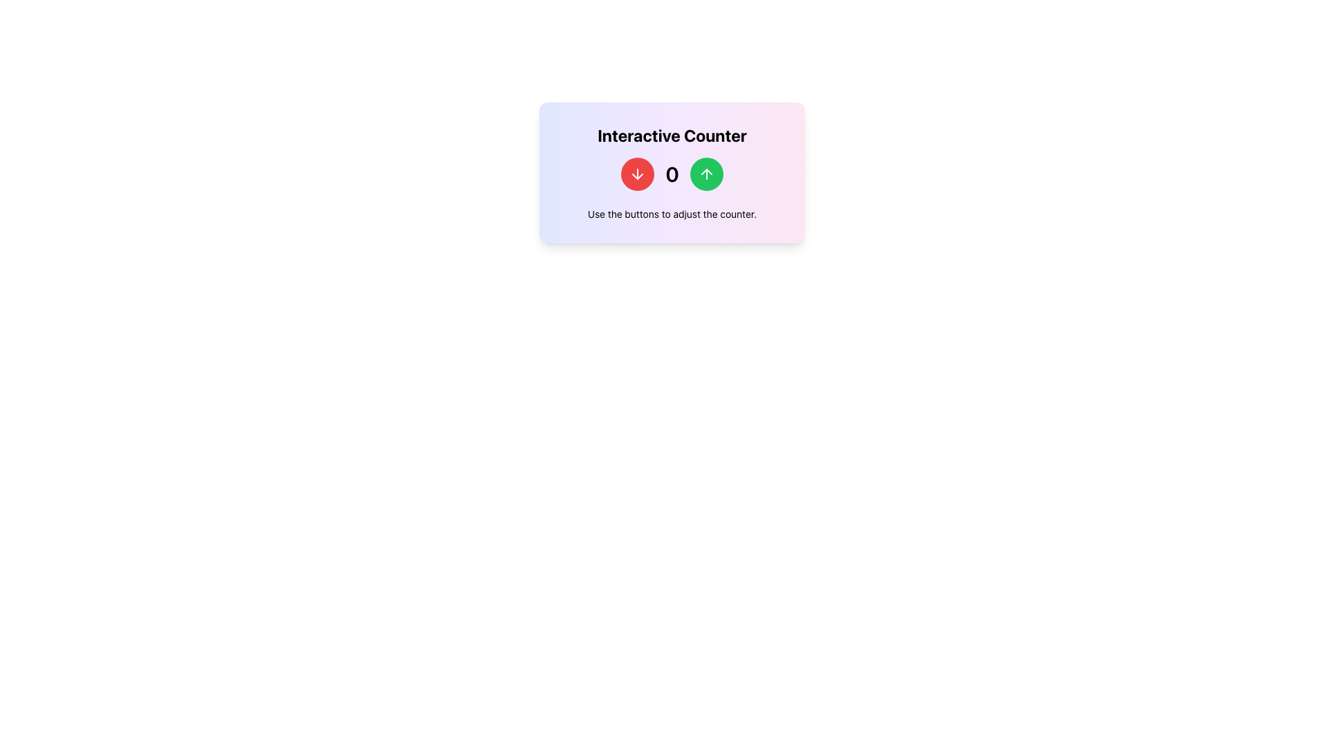  Describe the element at coordinates (706, 173) in the screenshot. I see `the button located at the far right of the horizontally-aligned group of buttons to increment the counter displayed next to it` at that location.